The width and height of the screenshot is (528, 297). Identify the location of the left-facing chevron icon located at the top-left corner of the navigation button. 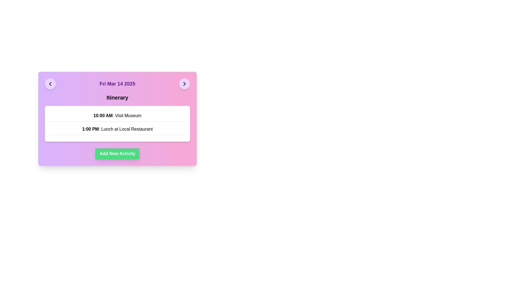
(50, 84).